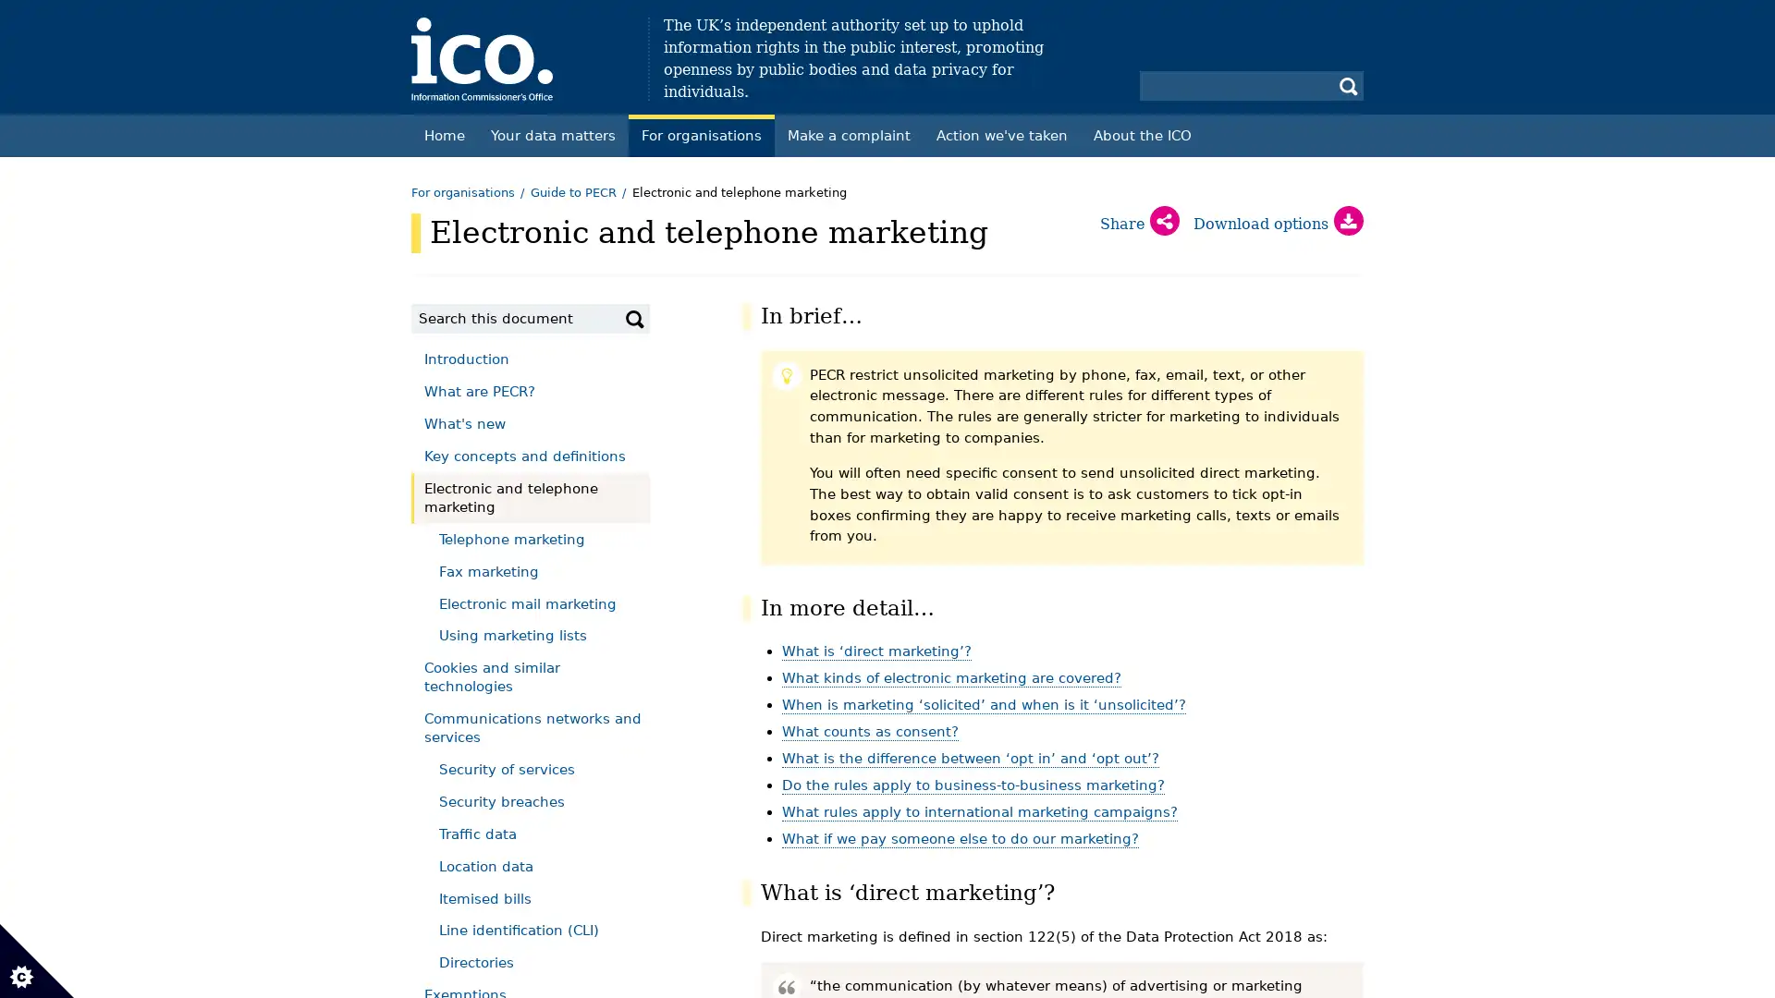 The image size is (1775, 998). I want to click on Save and close, so click(96, 700).